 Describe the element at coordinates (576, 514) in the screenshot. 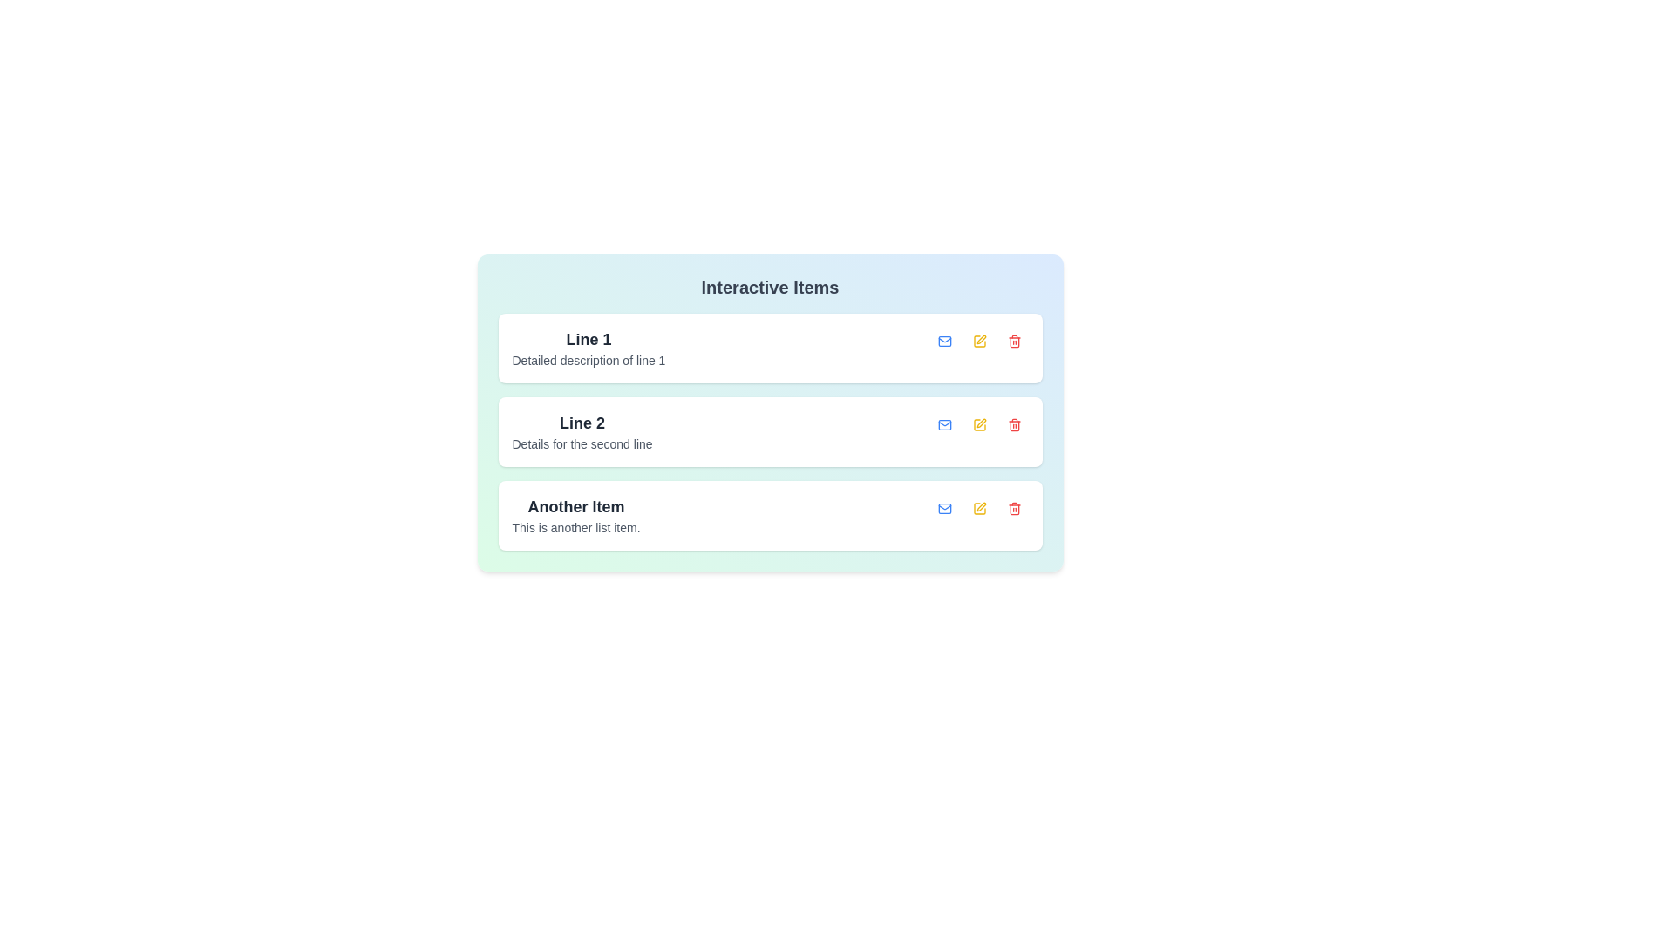

I see `the item Another Item to highlight it` at that location.